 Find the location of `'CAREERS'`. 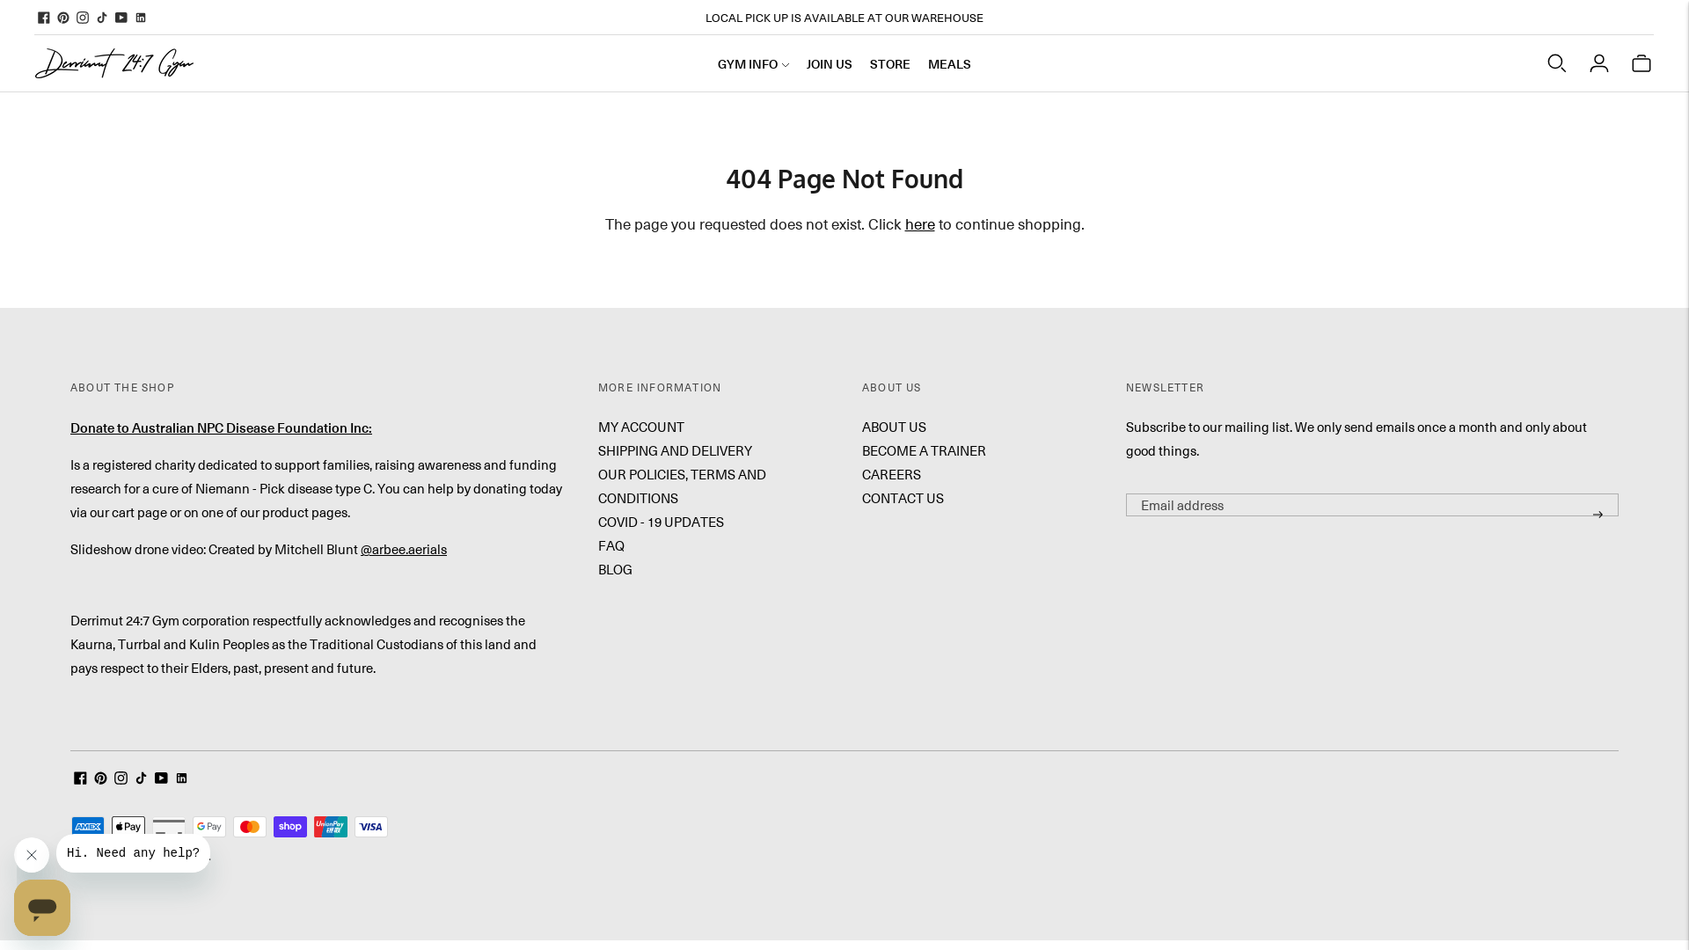

'CAREERS' is located at coordinates (891, 473).